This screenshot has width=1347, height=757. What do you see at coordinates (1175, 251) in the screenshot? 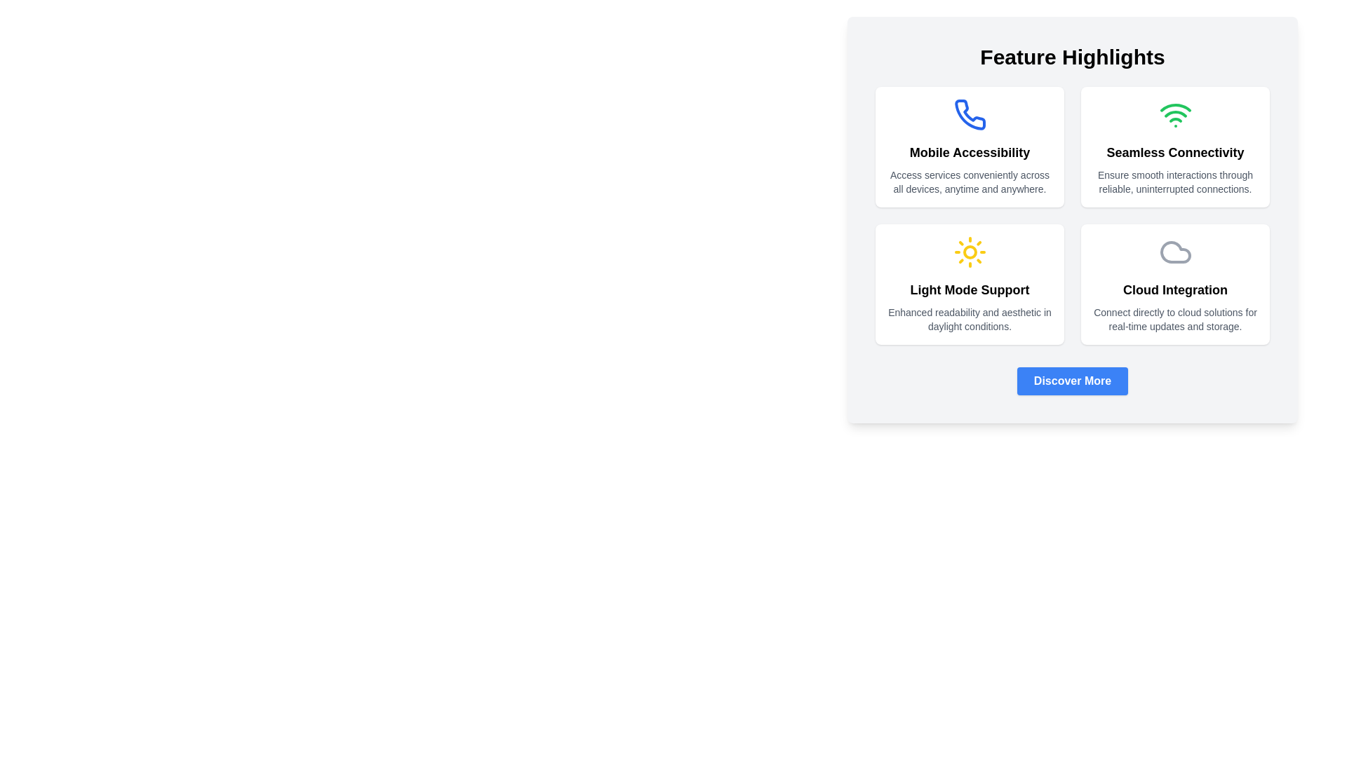
I see `the cloud icon, which is part of the 'Cloud Integration' information card located in the bottom right quadrant of the 'Feature Highlights' section` at bounding box center [1175, 251].